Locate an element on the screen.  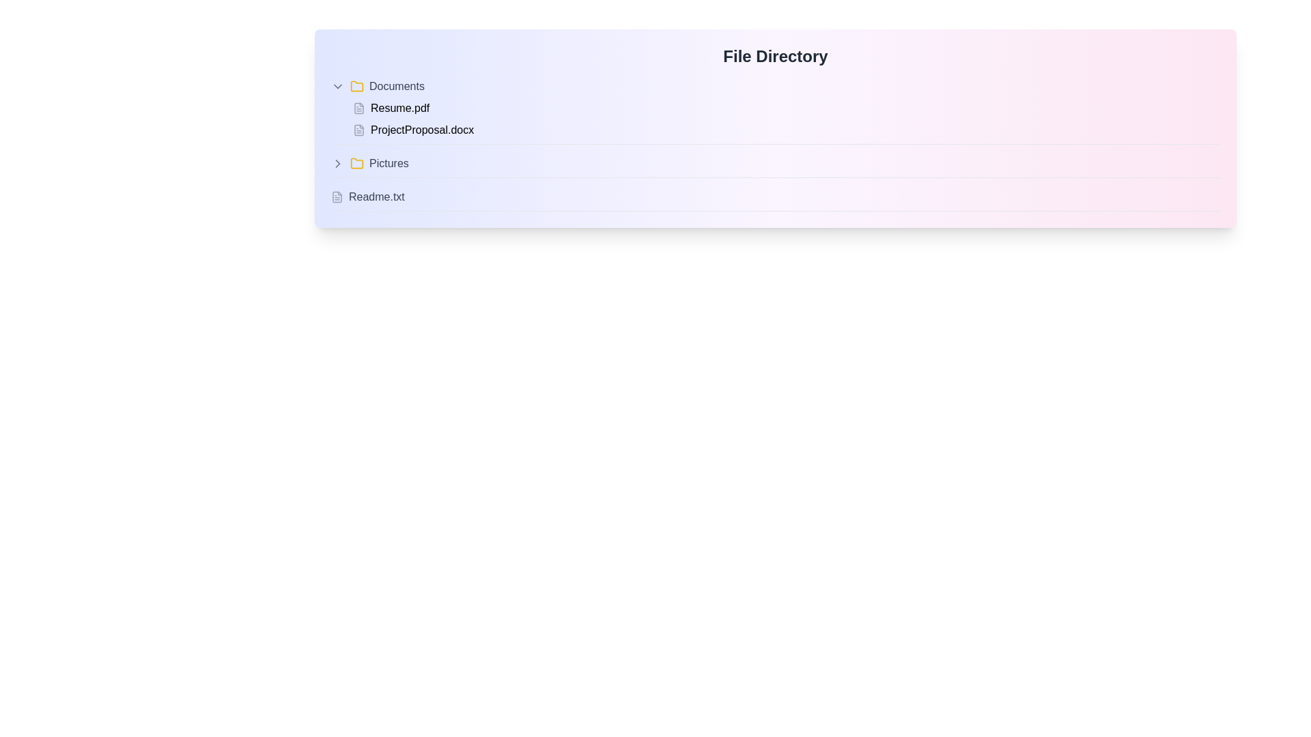
the document icon, which is a gray file-shaped symbol with a folded corner, located to the left of the text label 'ProjectProposal.docx' in the 'Documents' section is located at coordinates (359, 130).